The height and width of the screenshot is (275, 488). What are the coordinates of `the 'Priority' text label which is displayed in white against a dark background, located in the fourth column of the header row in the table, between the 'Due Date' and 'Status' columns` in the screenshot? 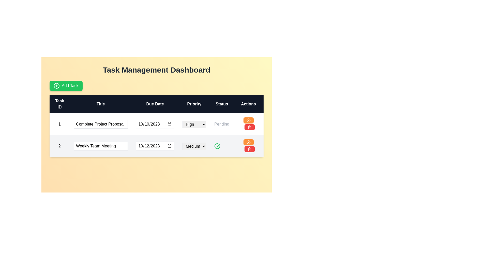 It's located at (194, 104).